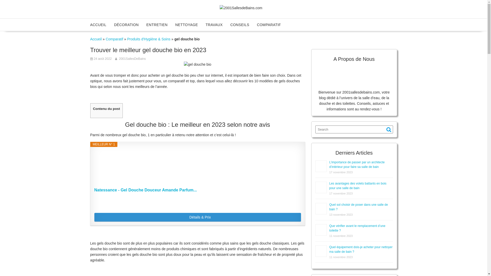 This screenshot has height=276, width=491. I want to click on 'COMPARATIF', so click(269, 25).